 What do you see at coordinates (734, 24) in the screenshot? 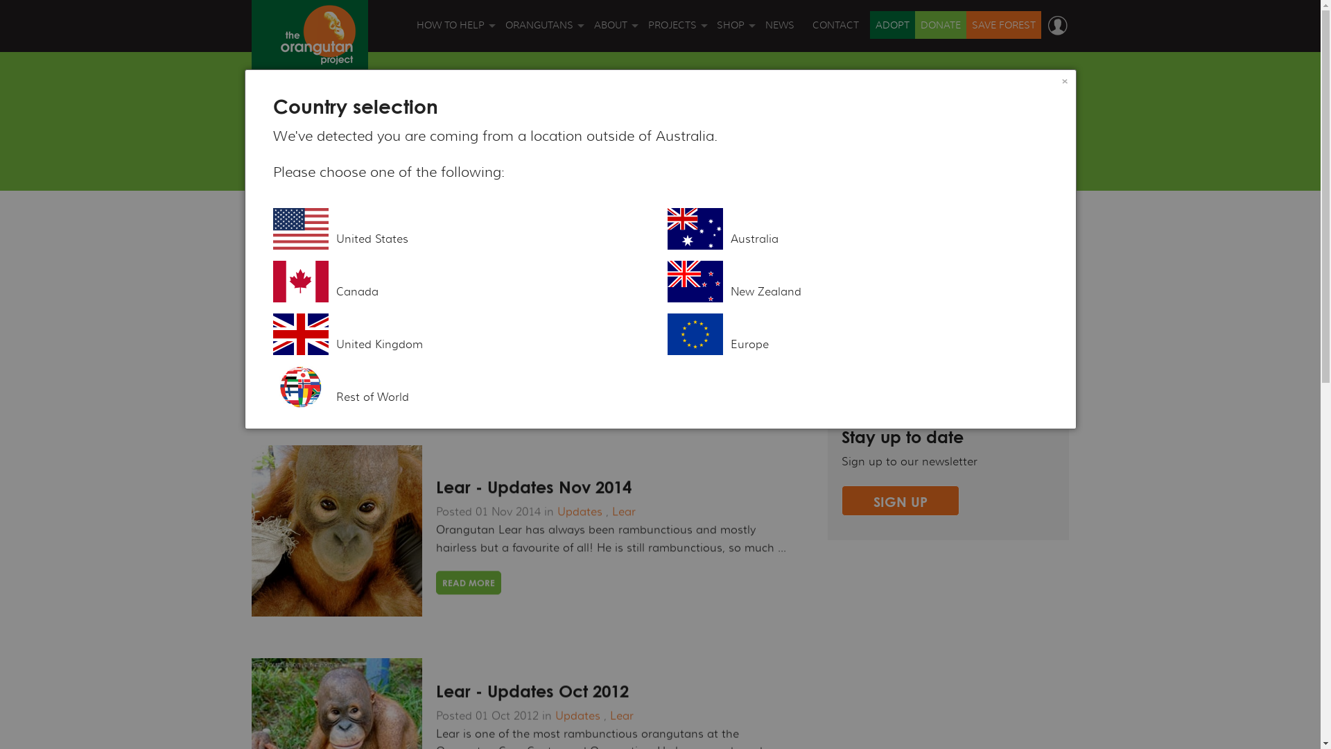
I see `'SHOP'` at bounding box center [734, 24].